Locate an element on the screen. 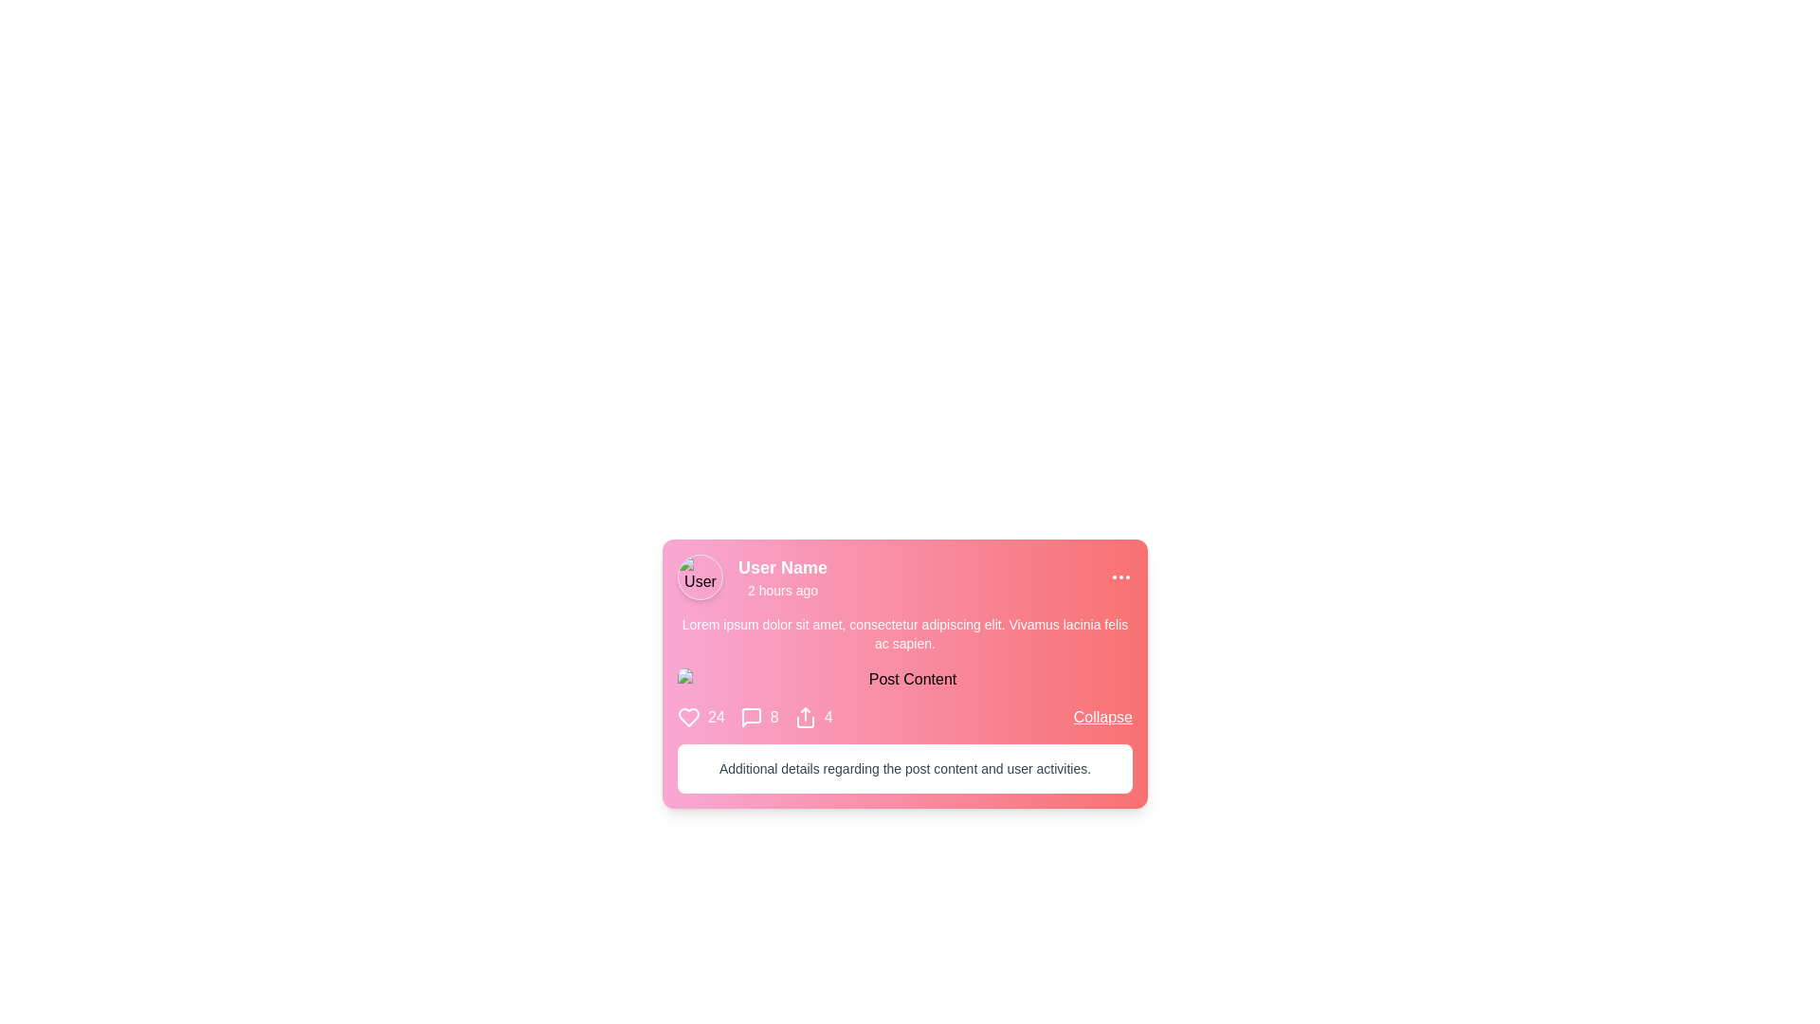  numeric text display showing the number '24' located in the post metrics section, positioned to the right of a heart-shaped icon is located at coordinates (715, 717).